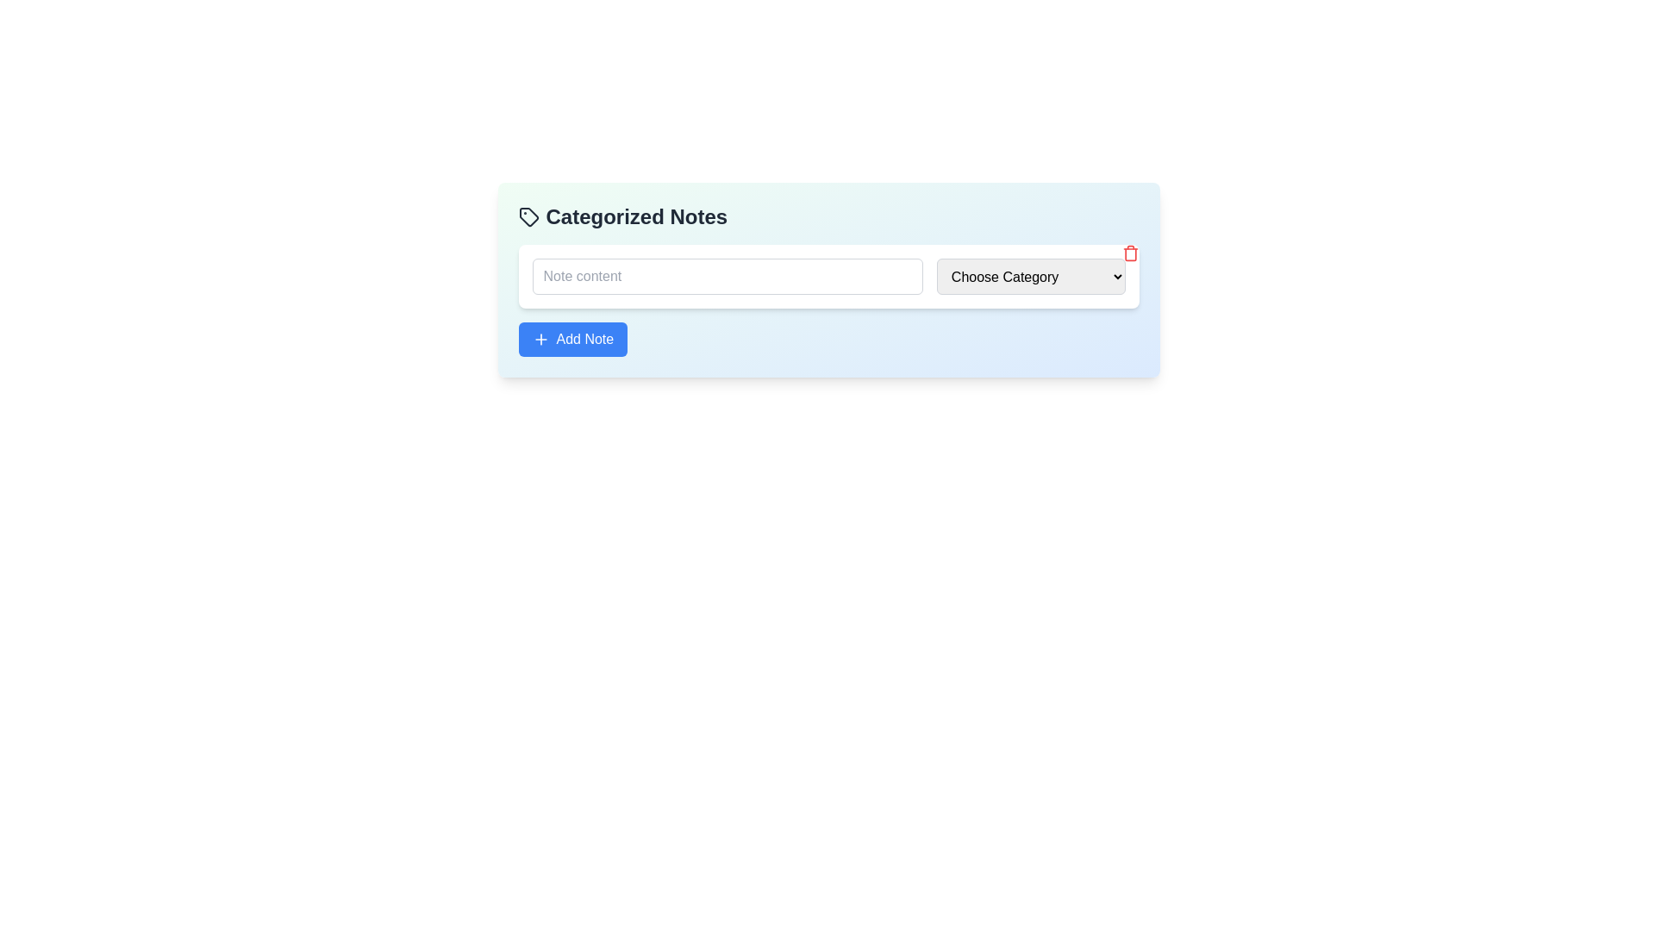  I want to click on the trash bin icon located in the top-right corner of the card, so click(1130, 253).